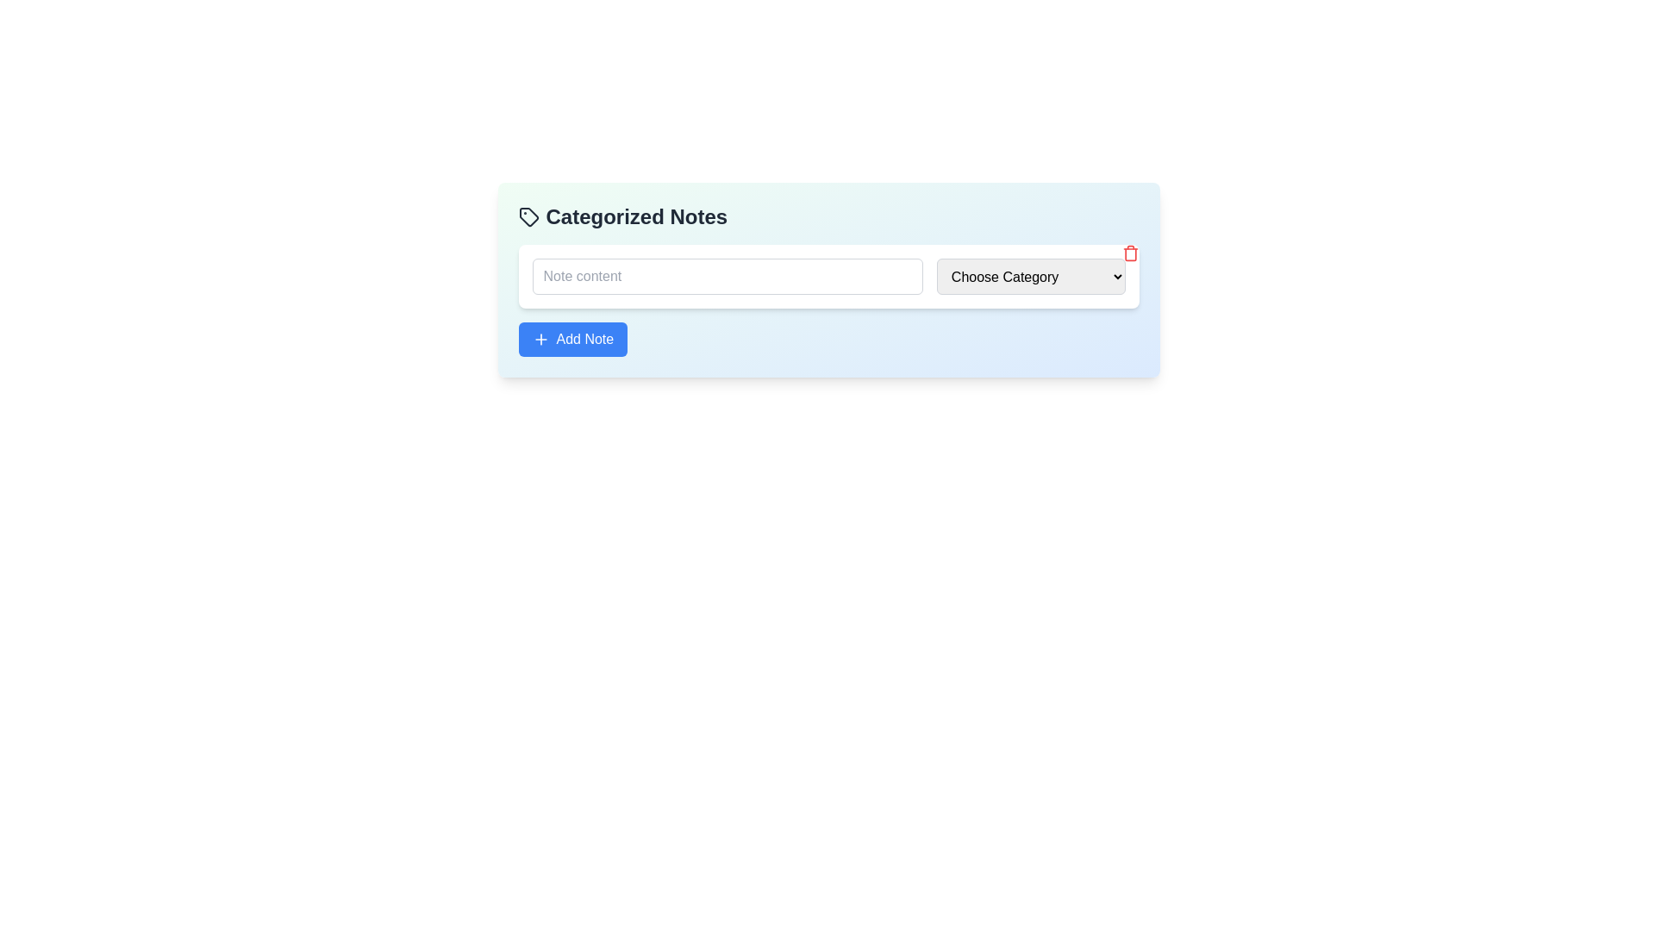  I want to click on the trash bin icon located in the top-right corner of the card, so click(1130, 253).